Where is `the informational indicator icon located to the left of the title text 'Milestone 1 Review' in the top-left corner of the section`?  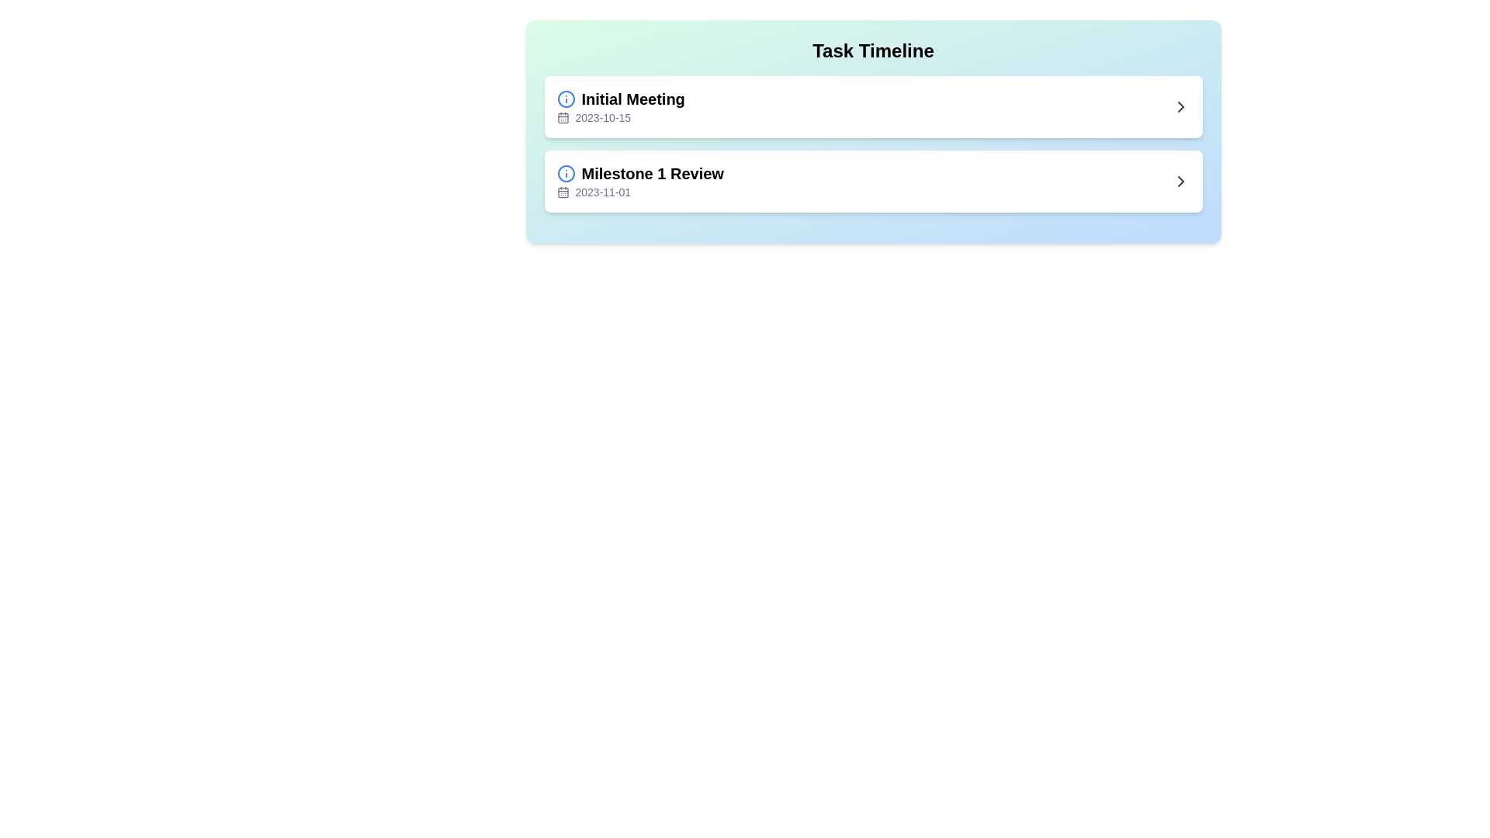
the informational indicator icon located to the left of the title text 'Milestone 1 Review' in the top-left corner of the section is located at coordinates (565, 173).